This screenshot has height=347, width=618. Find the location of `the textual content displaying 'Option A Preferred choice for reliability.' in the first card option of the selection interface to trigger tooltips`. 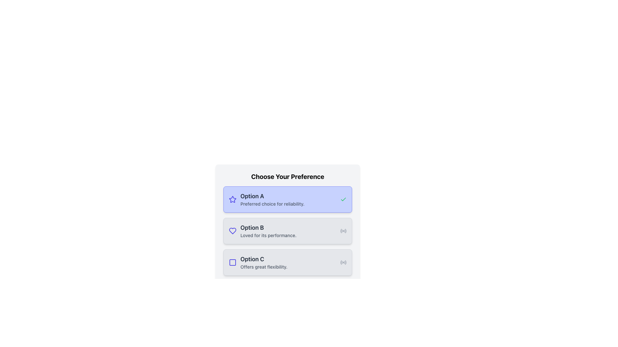

the textual content displaying 'Option A Preferred choice for reliability.' in the first card option of the selection interface to trigger tooltips is located at coordinates (288, 199).